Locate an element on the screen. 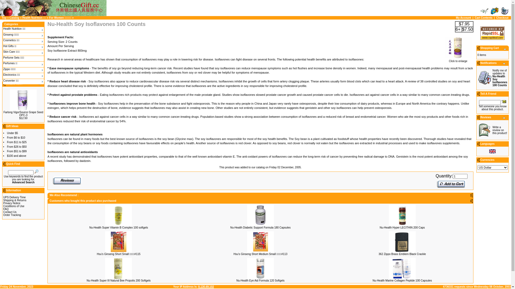 The height and width of the screenshot is (289, 515). 'From $6 to $10' is located at coordinates (16, 137).